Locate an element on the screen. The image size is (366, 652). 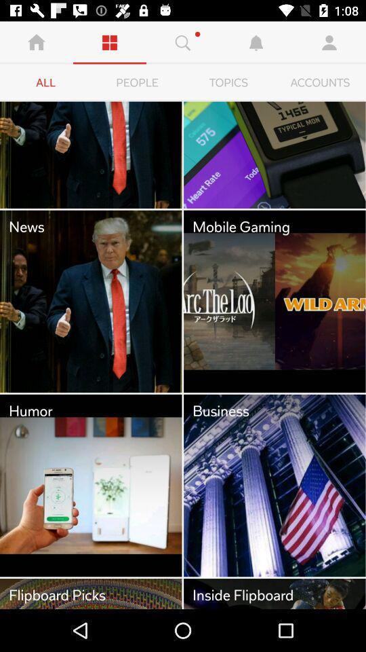
icon next to the topics item is located at coordinates (320, 82).